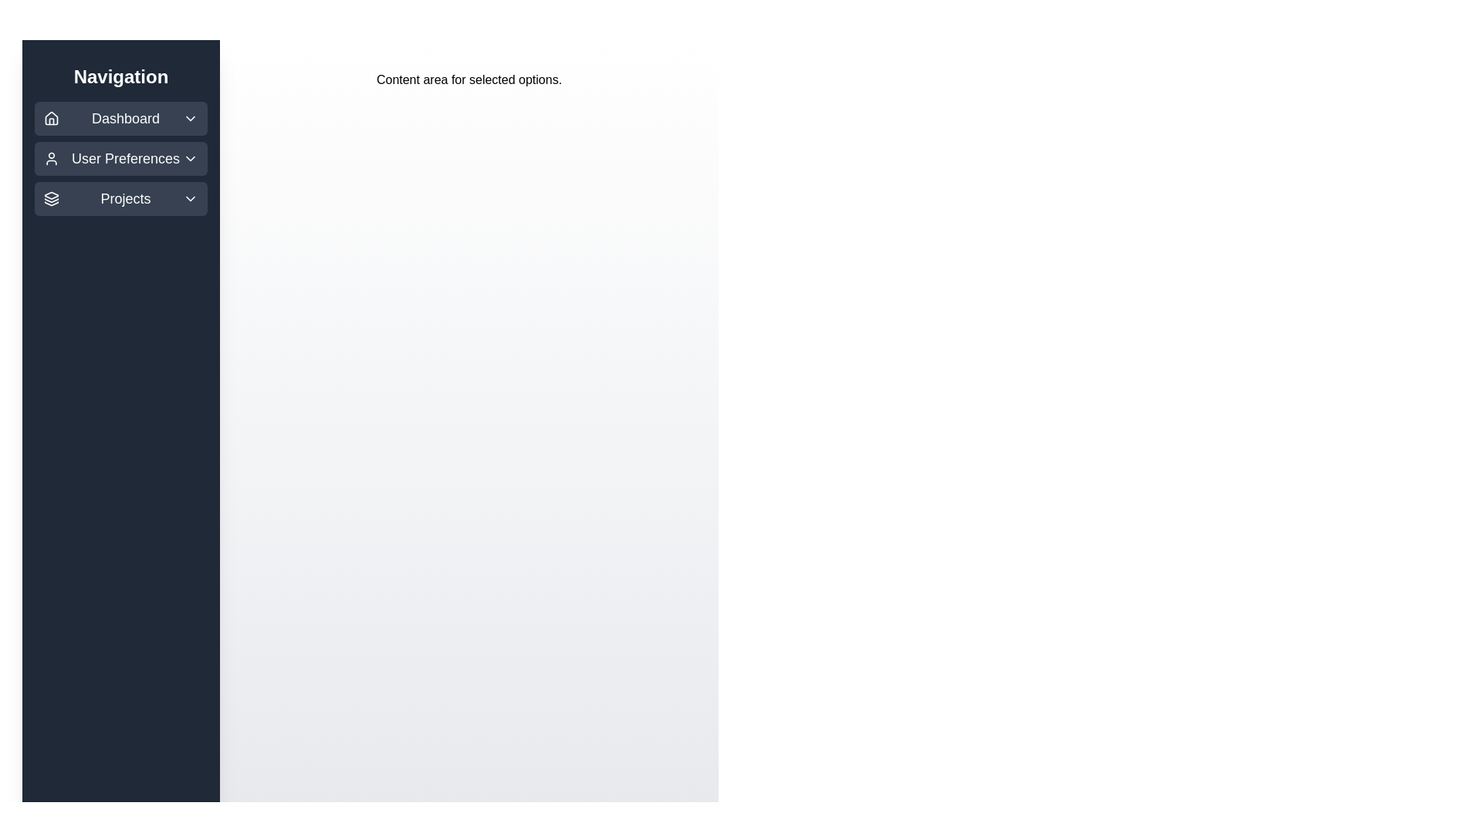  I want to click on text label 'Projects' located in the navigation sidebar, styled with a large font size and contrasting white color against a dark background, positioned as the third item in the list, so click(126, 198).